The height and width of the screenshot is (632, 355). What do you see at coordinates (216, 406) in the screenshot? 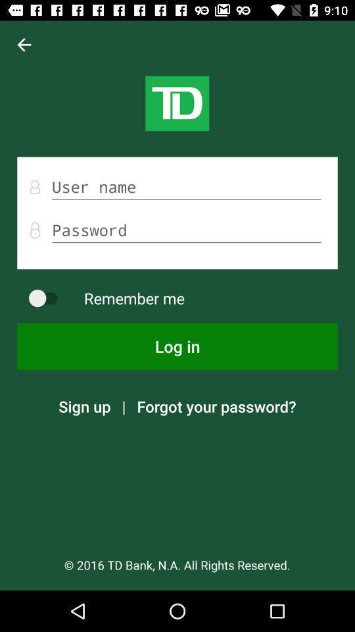
I see `item below the log in icon` at bounding box center [216, 406].